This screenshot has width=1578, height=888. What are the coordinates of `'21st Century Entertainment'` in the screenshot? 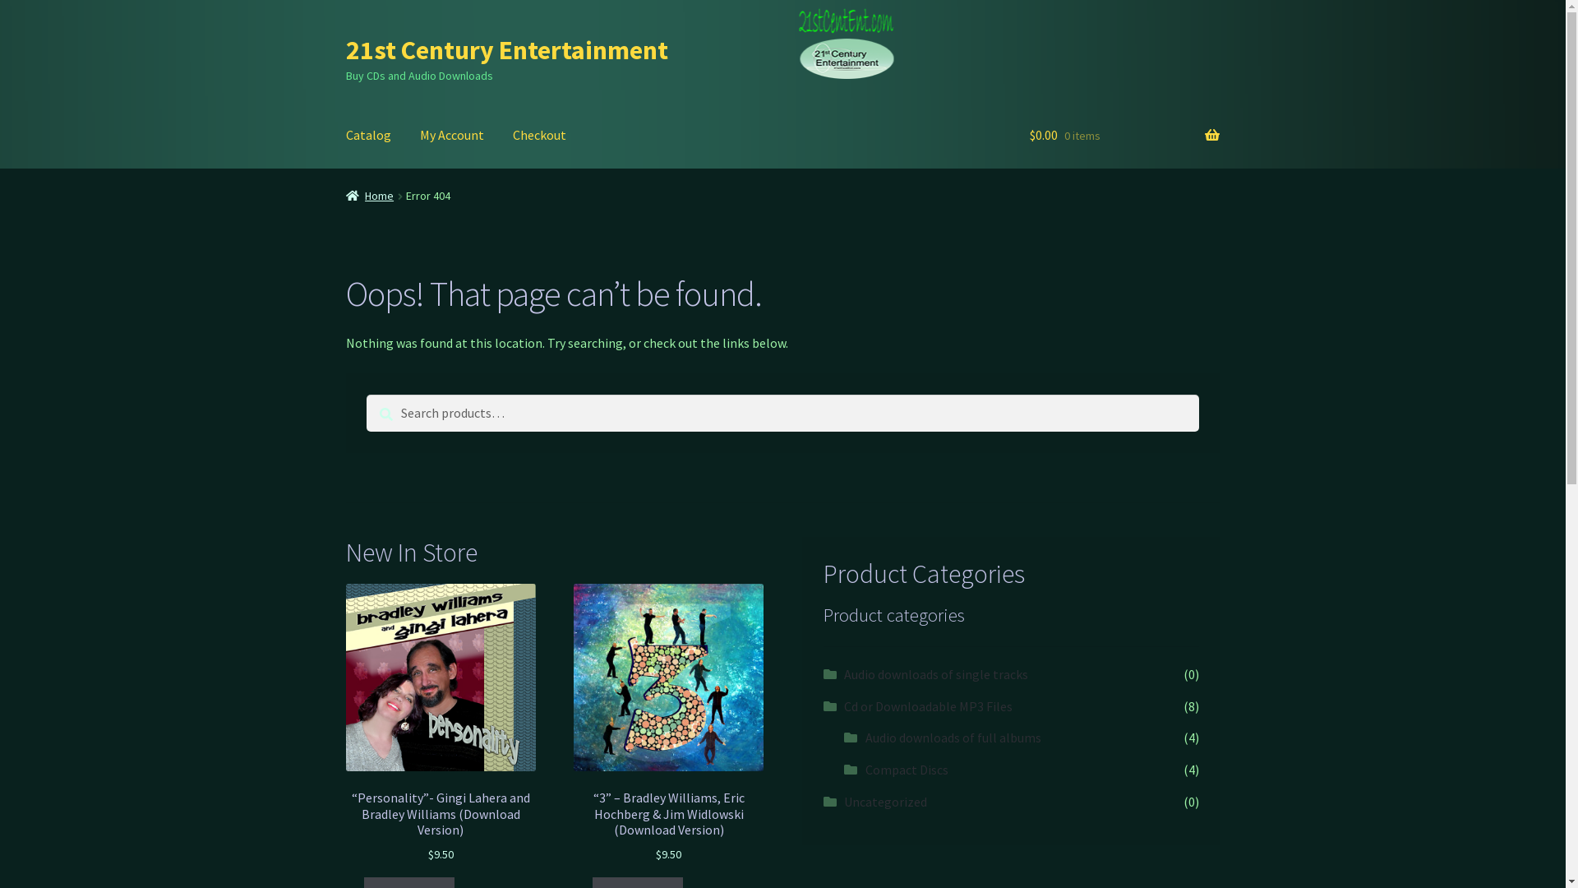 It's located at (506, 49).